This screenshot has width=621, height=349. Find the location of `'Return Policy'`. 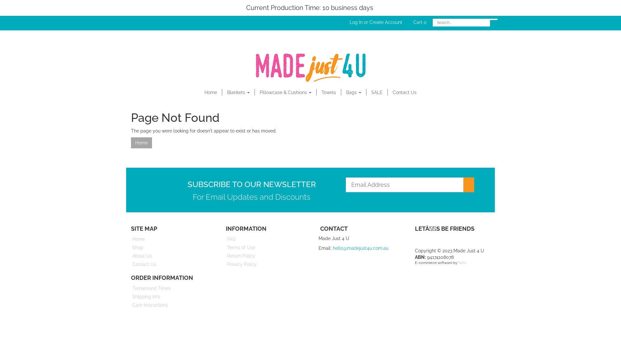

'Return Policy' is located at coordinates (265, 255).